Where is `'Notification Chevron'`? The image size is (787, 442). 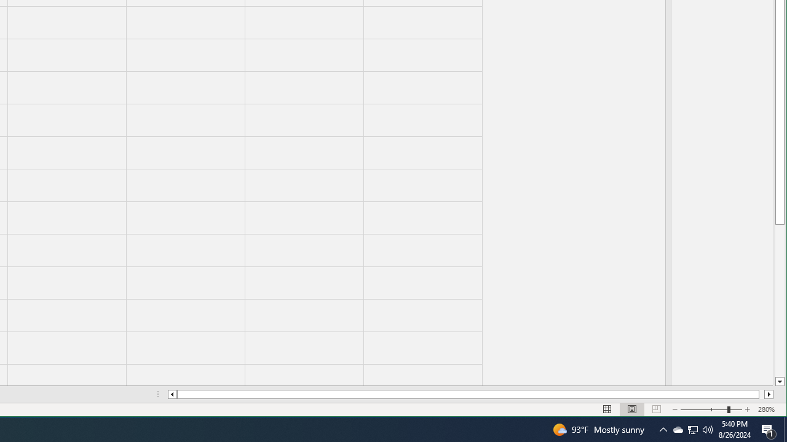 'Notification Chevron' is located at coordinates (677, 428).